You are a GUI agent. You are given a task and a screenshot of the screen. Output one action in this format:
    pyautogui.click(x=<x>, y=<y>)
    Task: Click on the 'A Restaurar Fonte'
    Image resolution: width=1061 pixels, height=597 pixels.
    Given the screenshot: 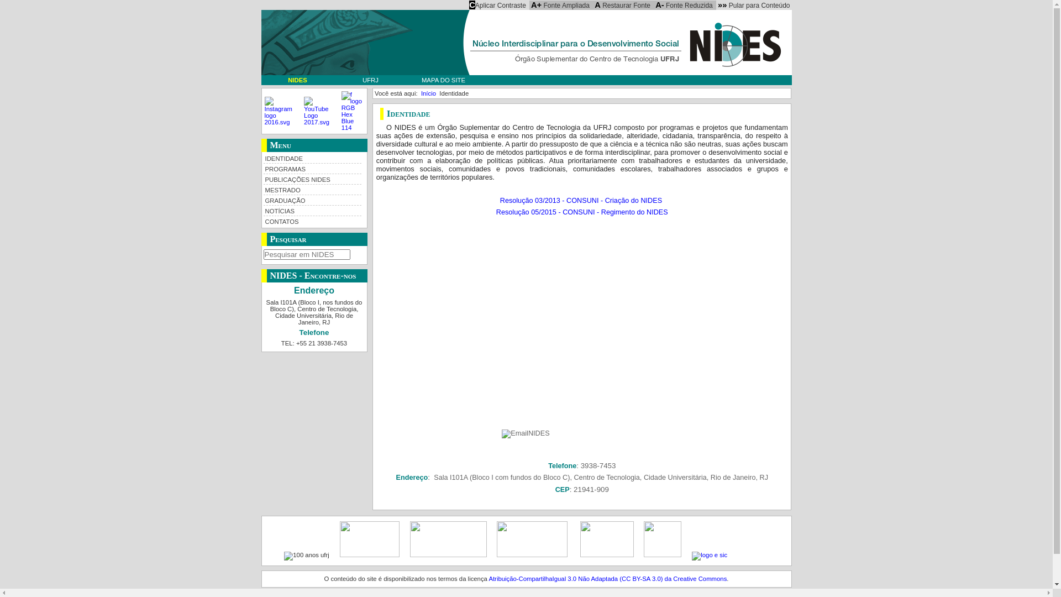 What is the action you would take?
    pyautogui.click(x=622, y=4)
    